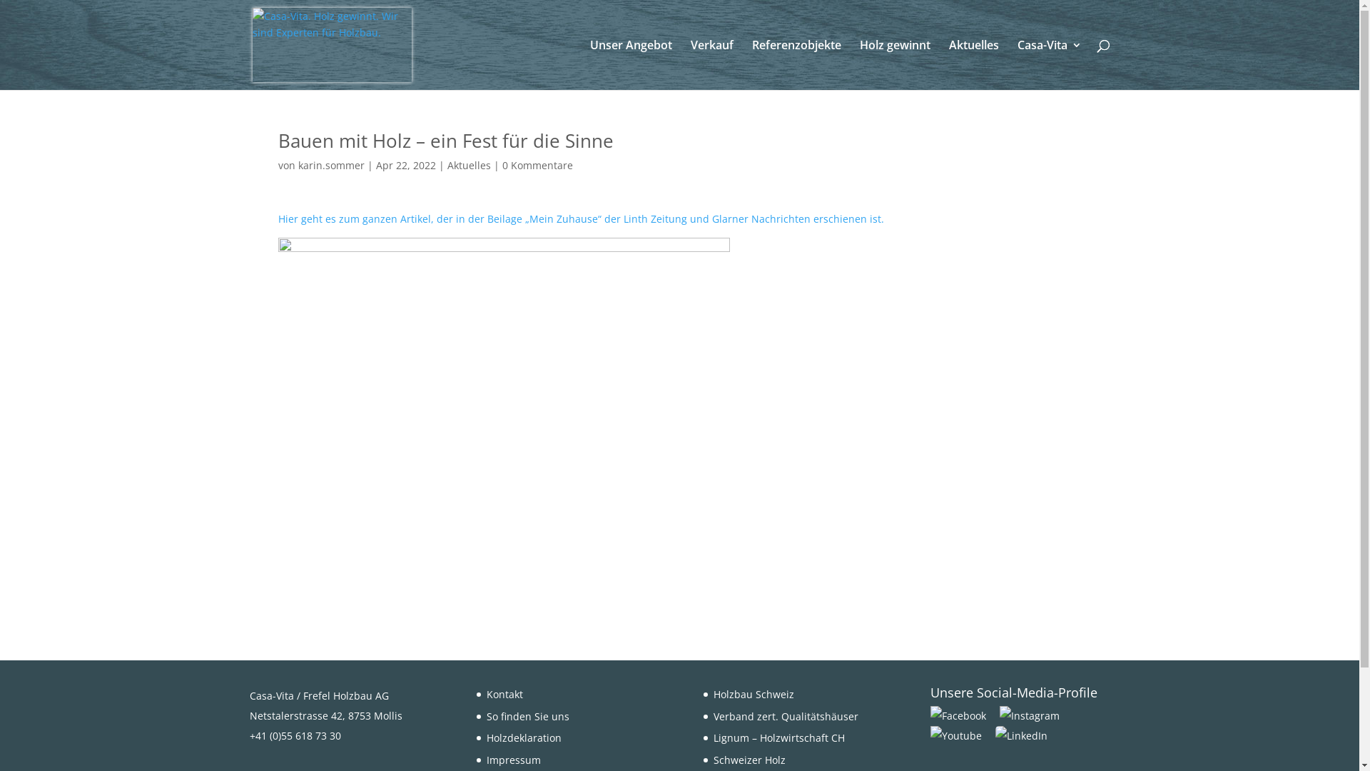 This screenshot has height=771, width=1370. What do you see at coordinates (961, 735) in the screenshot?
I see `'Youtube'` at bounding box center [961, 735].